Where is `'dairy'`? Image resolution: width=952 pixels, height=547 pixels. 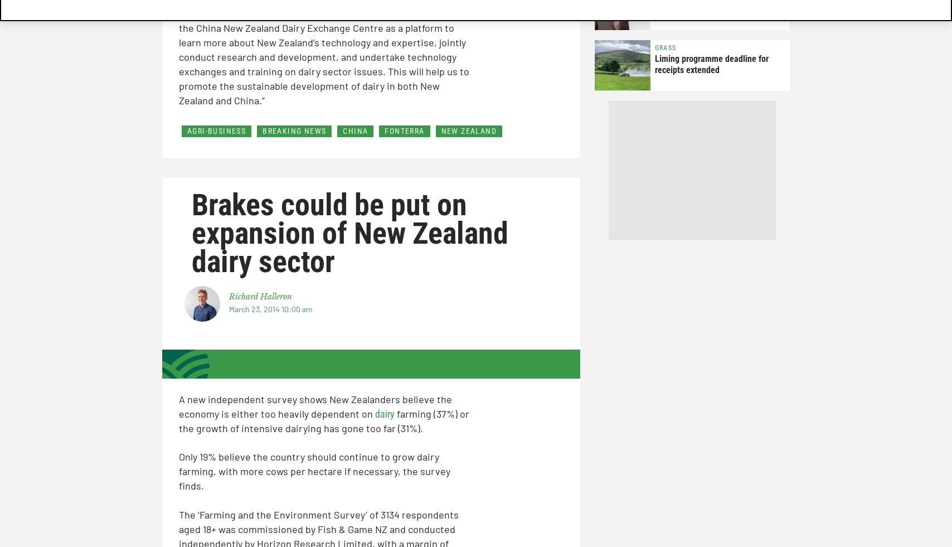 'dairy' is located at coordinates (386, 413).